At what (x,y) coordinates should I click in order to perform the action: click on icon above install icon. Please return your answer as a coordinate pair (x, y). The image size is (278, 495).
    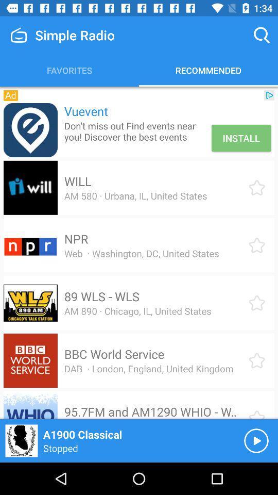
    Looking at the image, I should click on (269, 95).